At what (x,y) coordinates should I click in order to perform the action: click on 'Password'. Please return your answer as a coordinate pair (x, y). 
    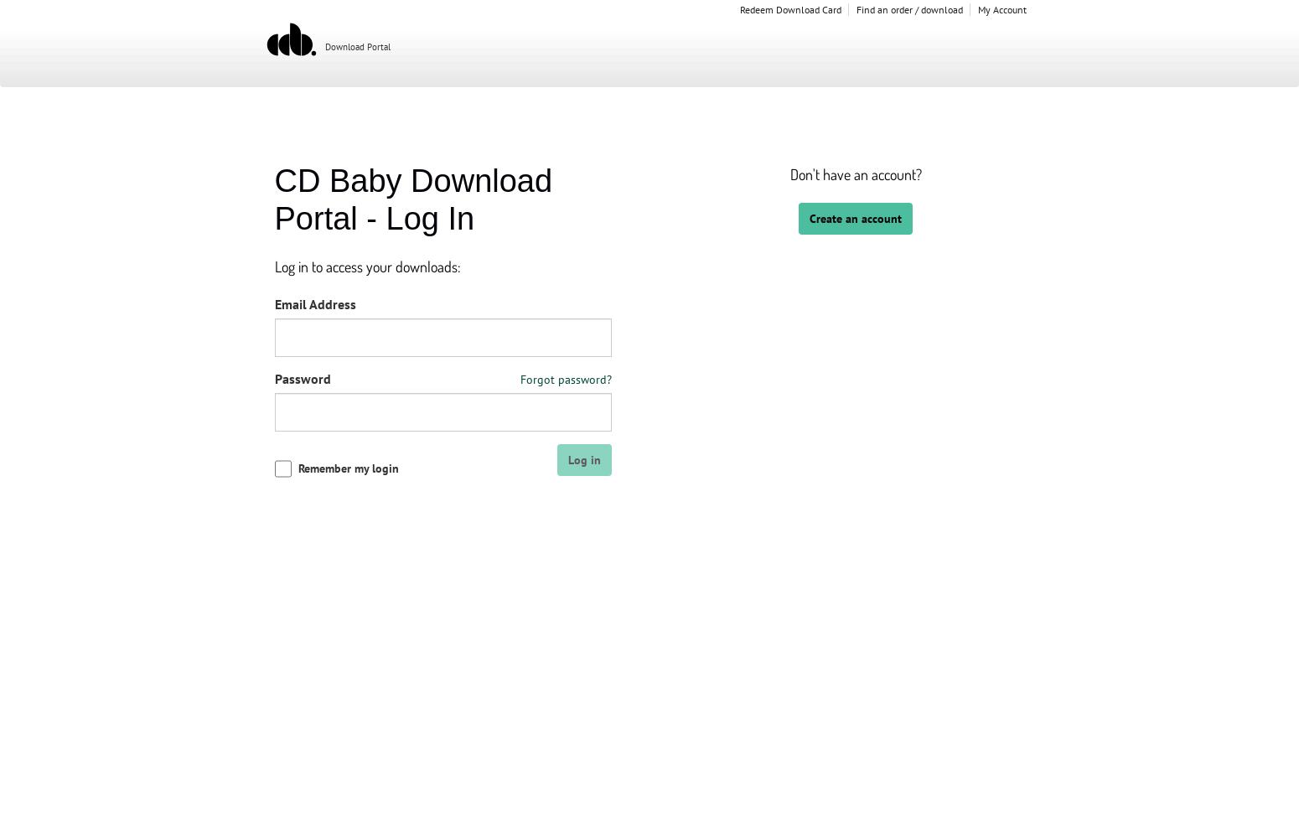
    Looking at the image, I should click on (301, 377).